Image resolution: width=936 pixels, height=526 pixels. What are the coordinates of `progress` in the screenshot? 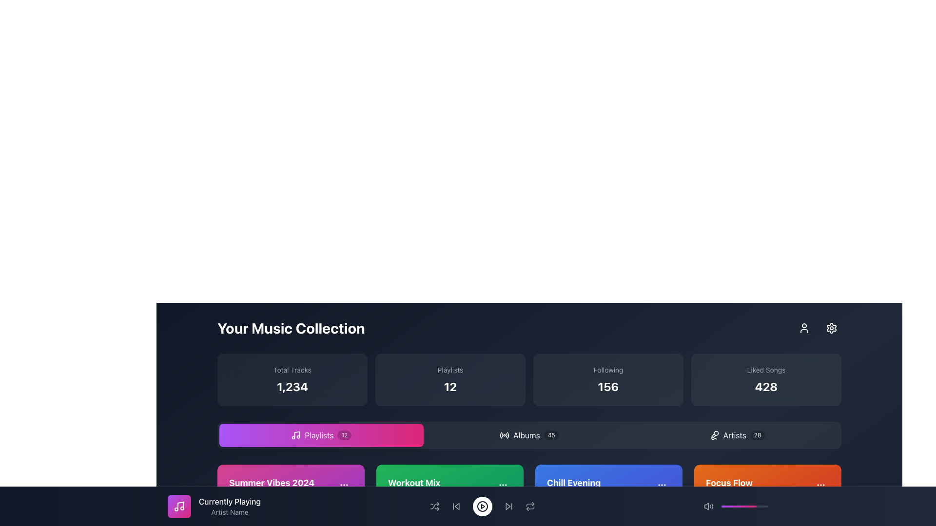 It's located at (745, 506).